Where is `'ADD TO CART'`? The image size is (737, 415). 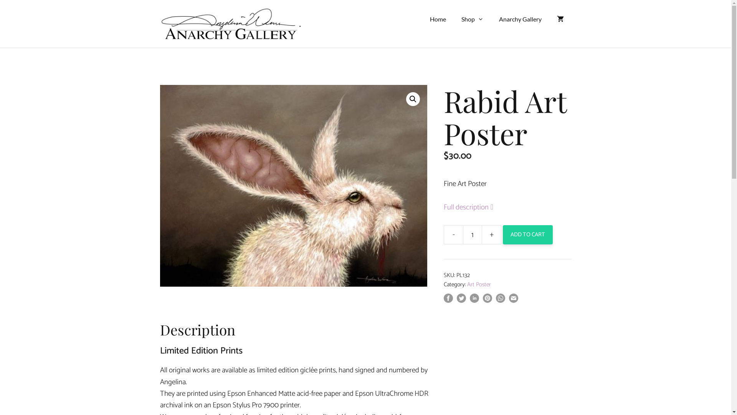
'ADD TO CART' is located at coordinates (503, 234).